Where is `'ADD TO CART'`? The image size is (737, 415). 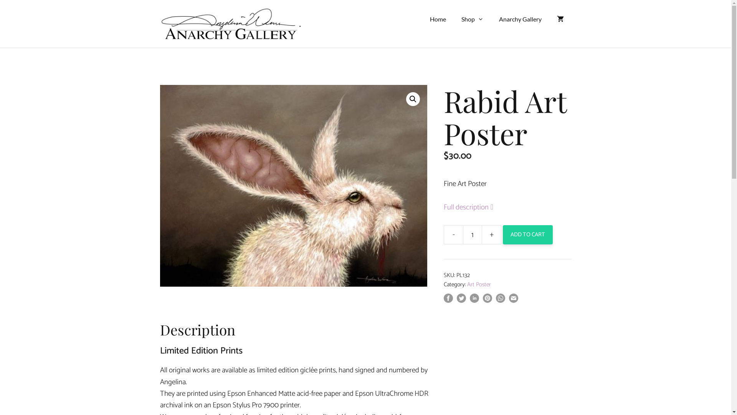
'ADD TO CART' is located at coordinates (503, 234).